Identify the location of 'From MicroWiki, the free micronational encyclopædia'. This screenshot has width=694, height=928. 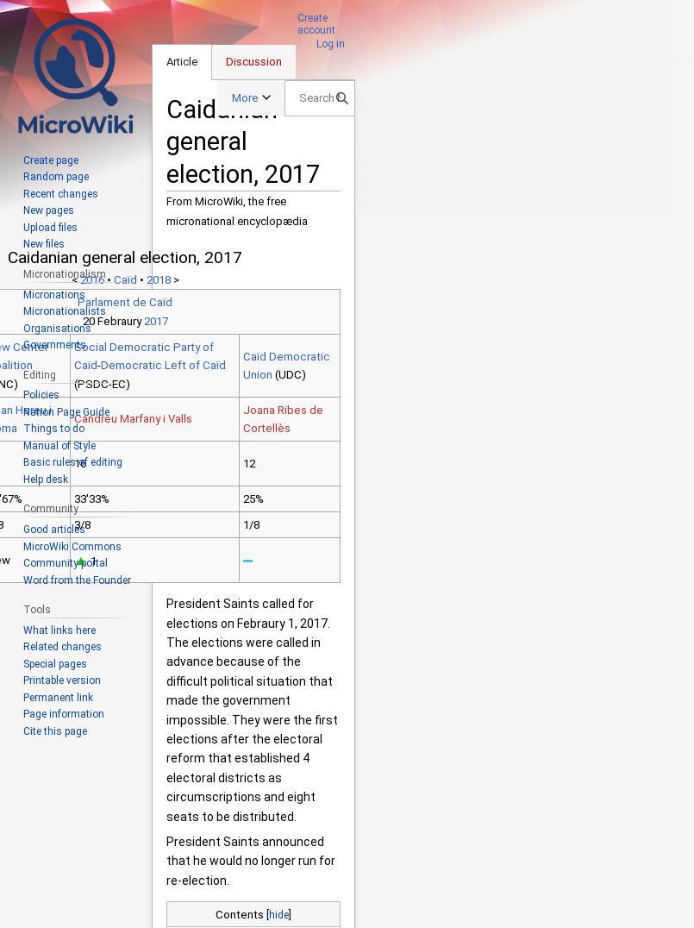
(236, 210).